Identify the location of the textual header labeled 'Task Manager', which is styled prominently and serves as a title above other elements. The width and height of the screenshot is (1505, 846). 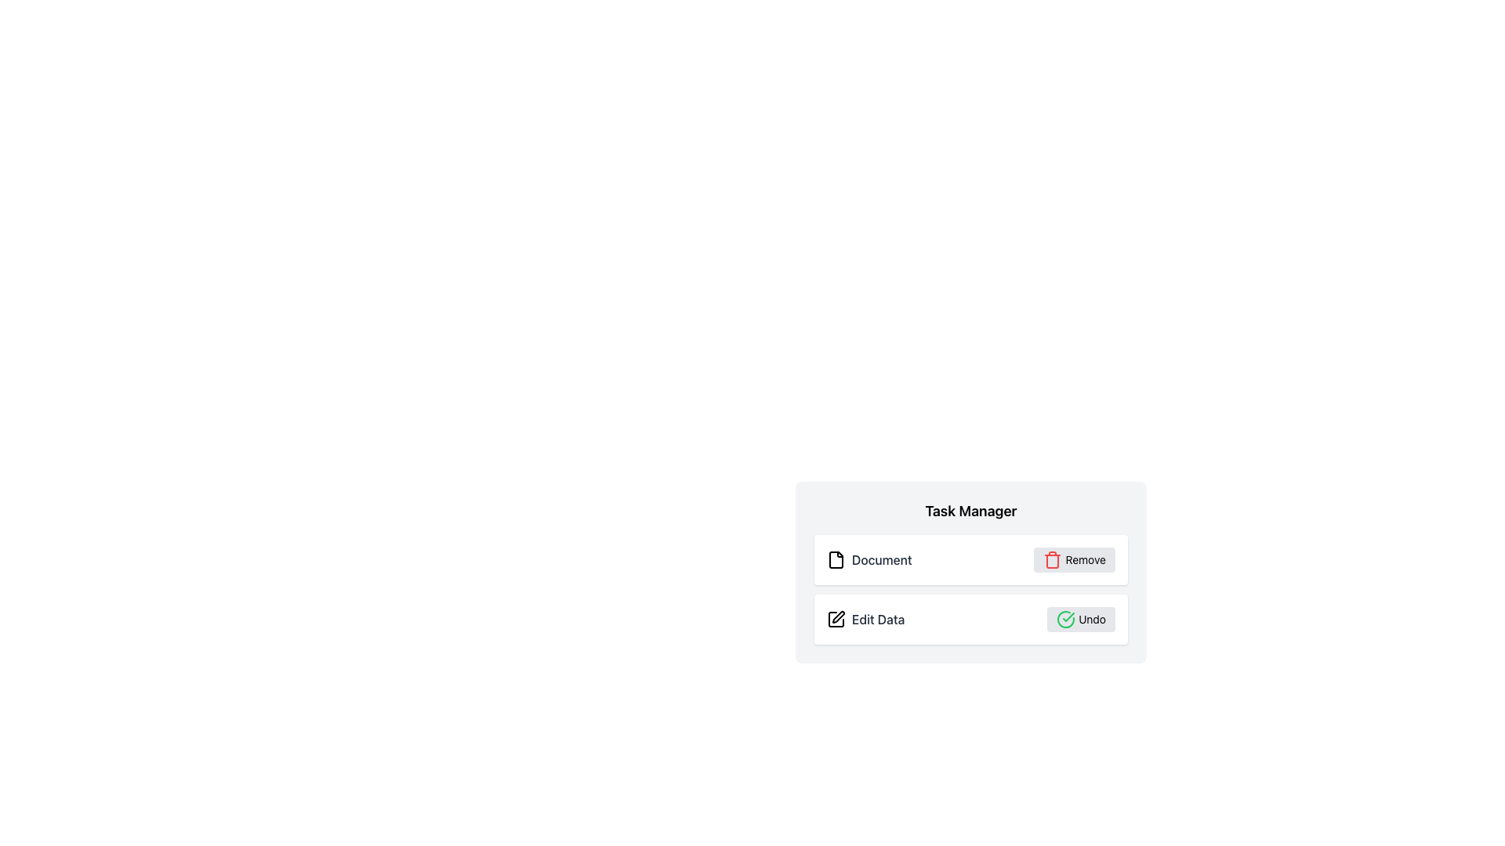
(970, 511).